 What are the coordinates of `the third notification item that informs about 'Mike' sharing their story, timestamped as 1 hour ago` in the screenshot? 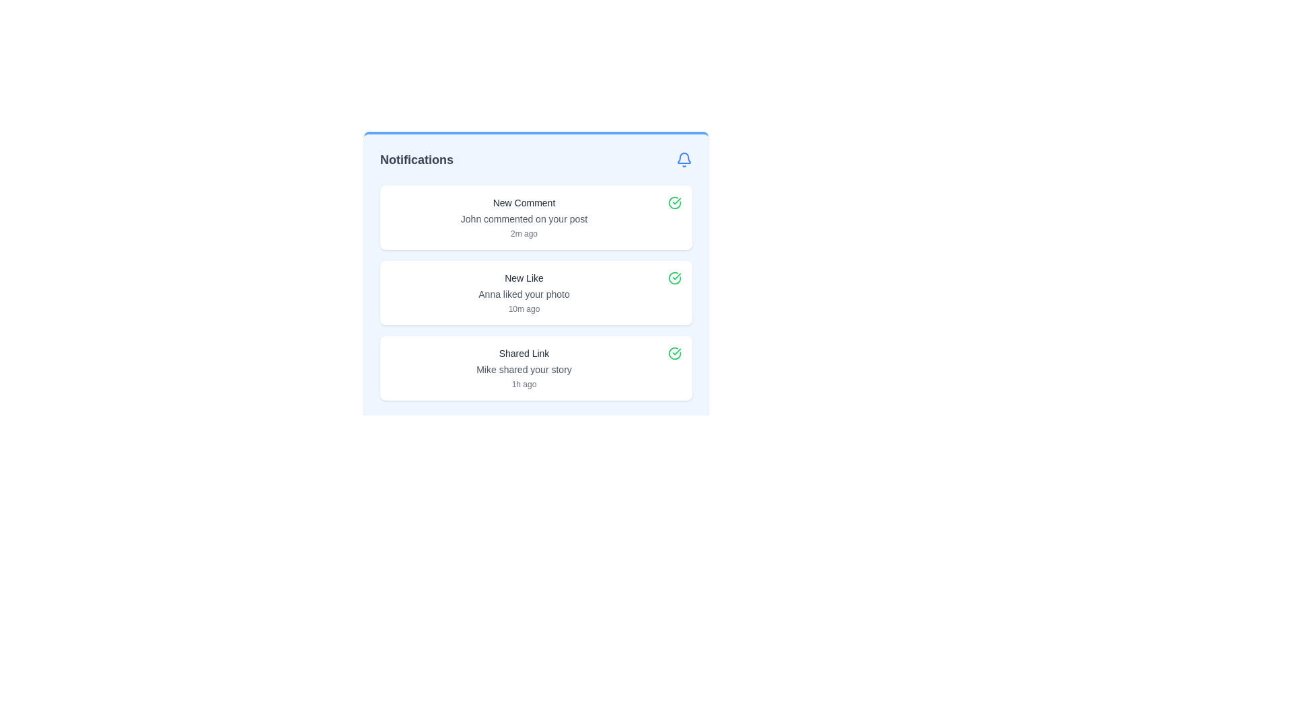 It's located at (535, 368).